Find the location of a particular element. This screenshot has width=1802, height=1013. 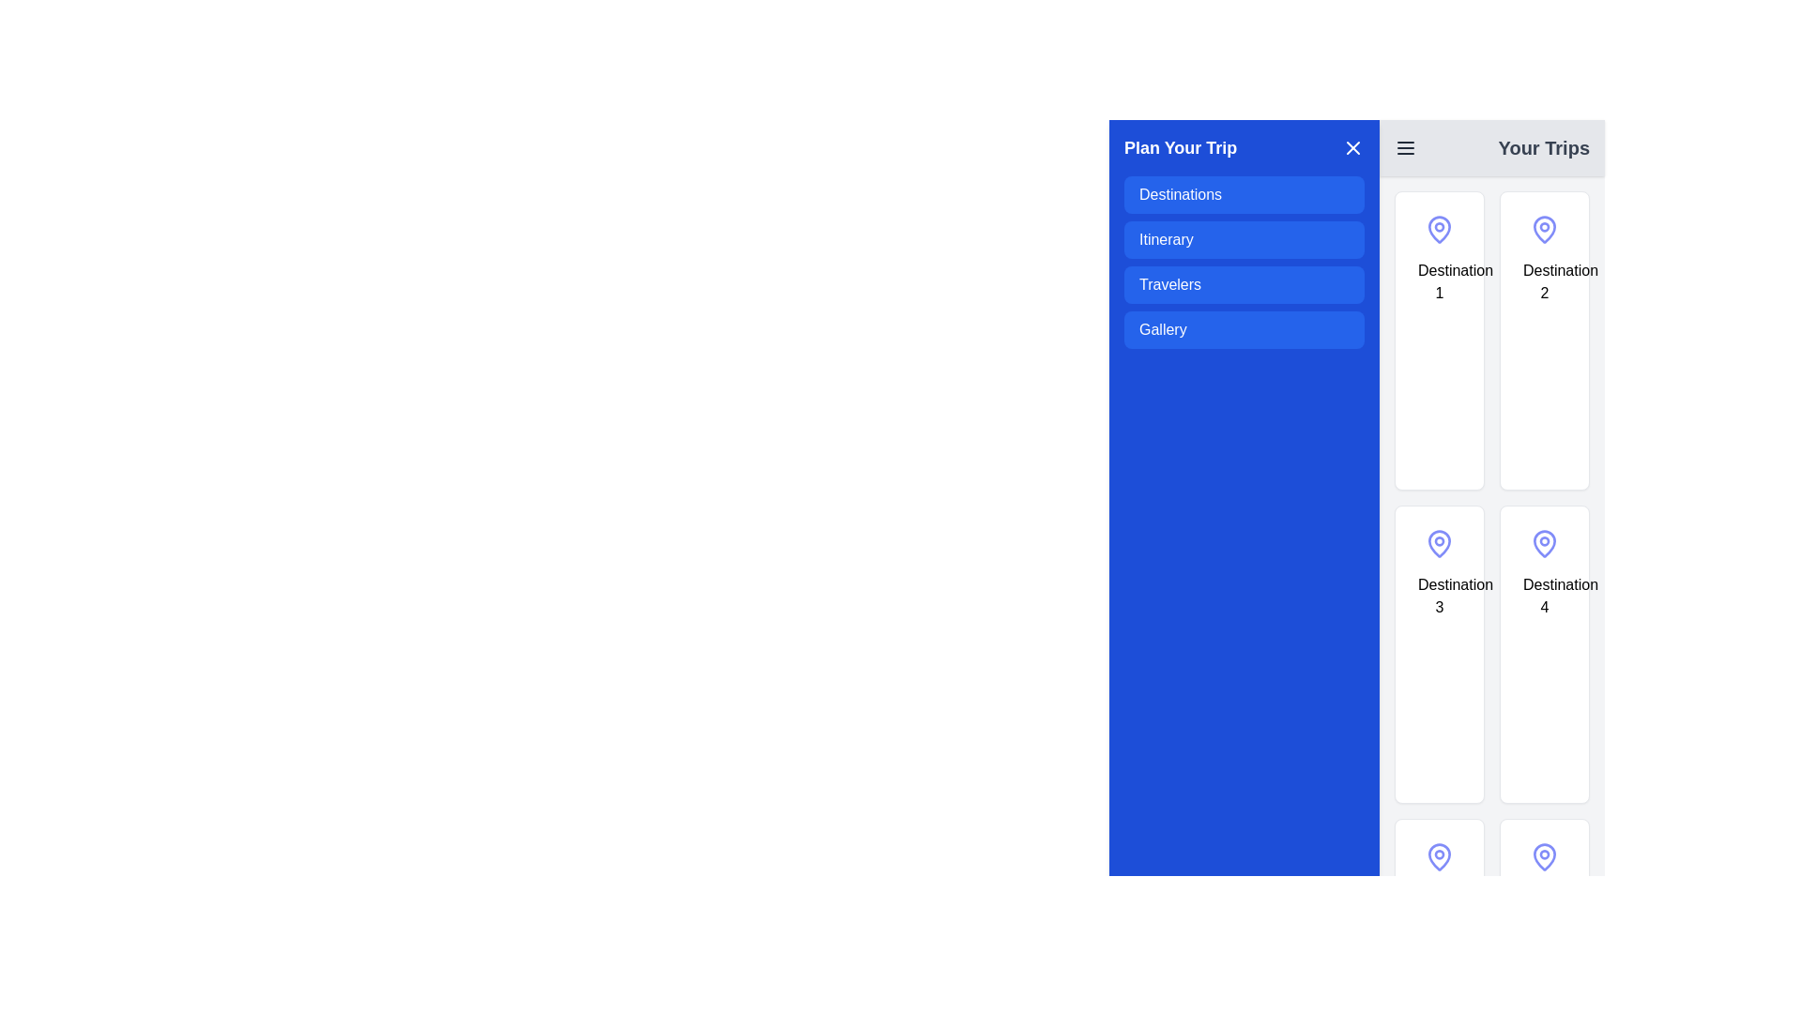

the pin-shaped icon with a hollow center circle, styled in indigo, located above the text 'Destination 1' in the 'Your Trips' section is located at coordinates (1439, 229).